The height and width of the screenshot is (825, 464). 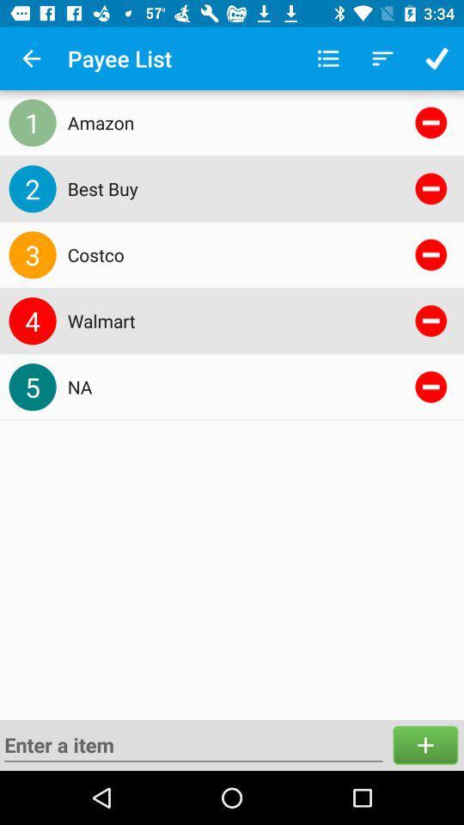 What do you see at coordinates (424, 744) in the screenshot?
I see `item option` at bounding box center [424, 744].